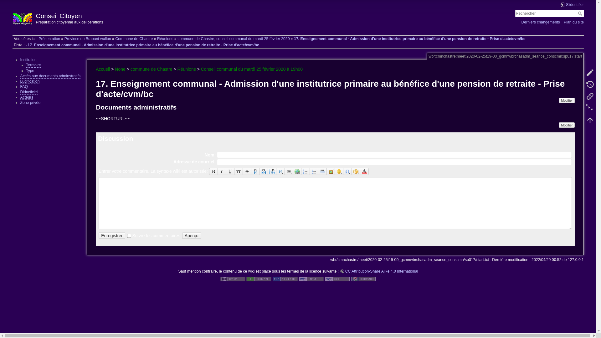 The image size is (601, 338). What do you see at coordinates (549, 13) in the screenshot?
I see `'[F]'` at bounding box center [549, 13].